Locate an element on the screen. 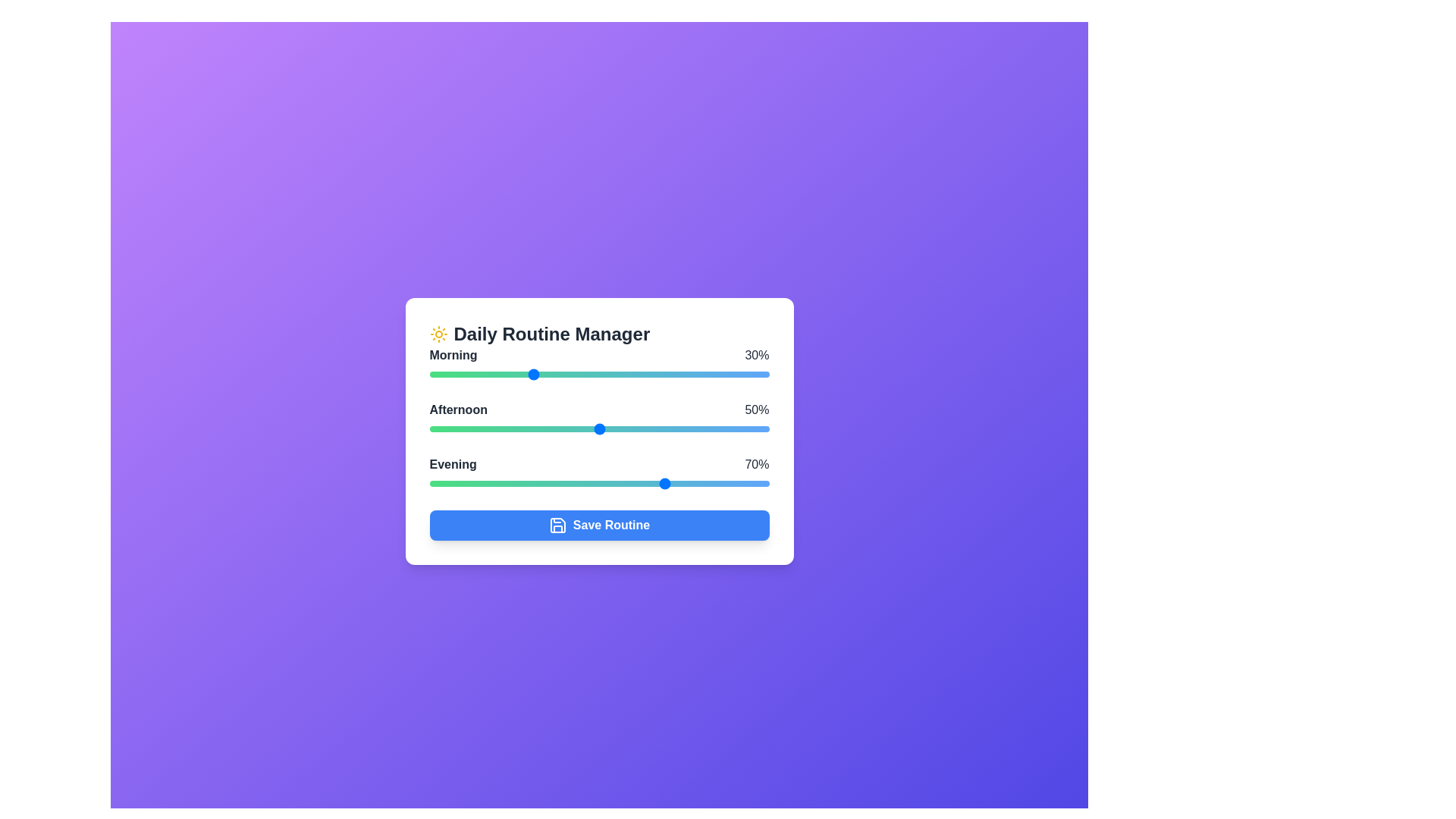  the Evening task slider to 73% is located at coordinates (676, 483).